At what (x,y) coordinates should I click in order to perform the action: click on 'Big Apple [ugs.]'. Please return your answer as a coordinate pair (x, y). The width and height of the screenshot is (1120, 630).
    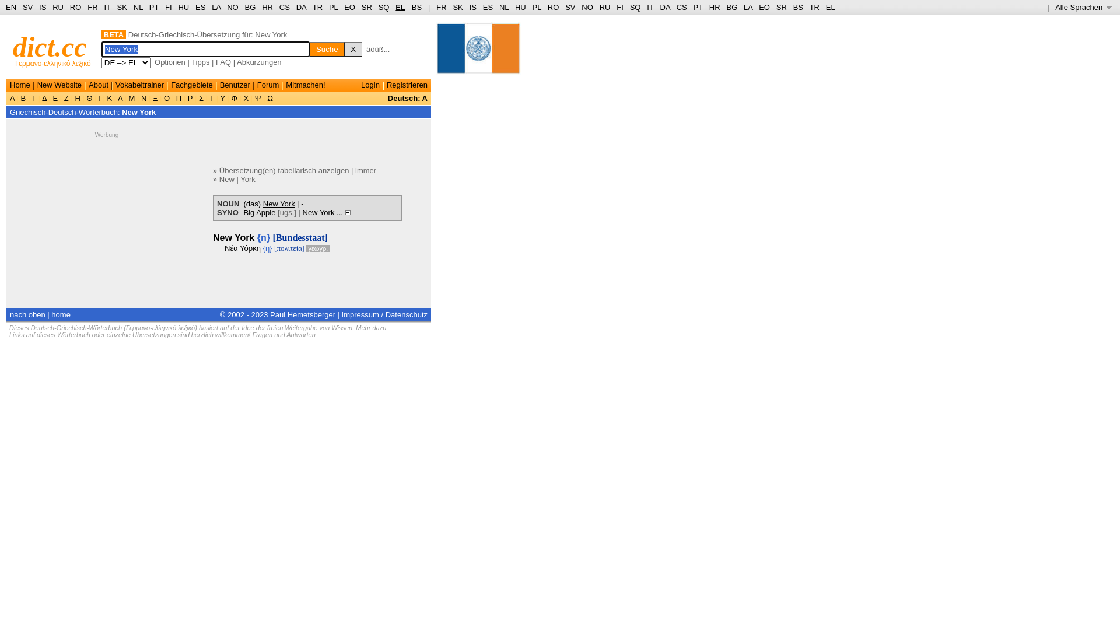
    Looking at the image, I should click on (269, 212).